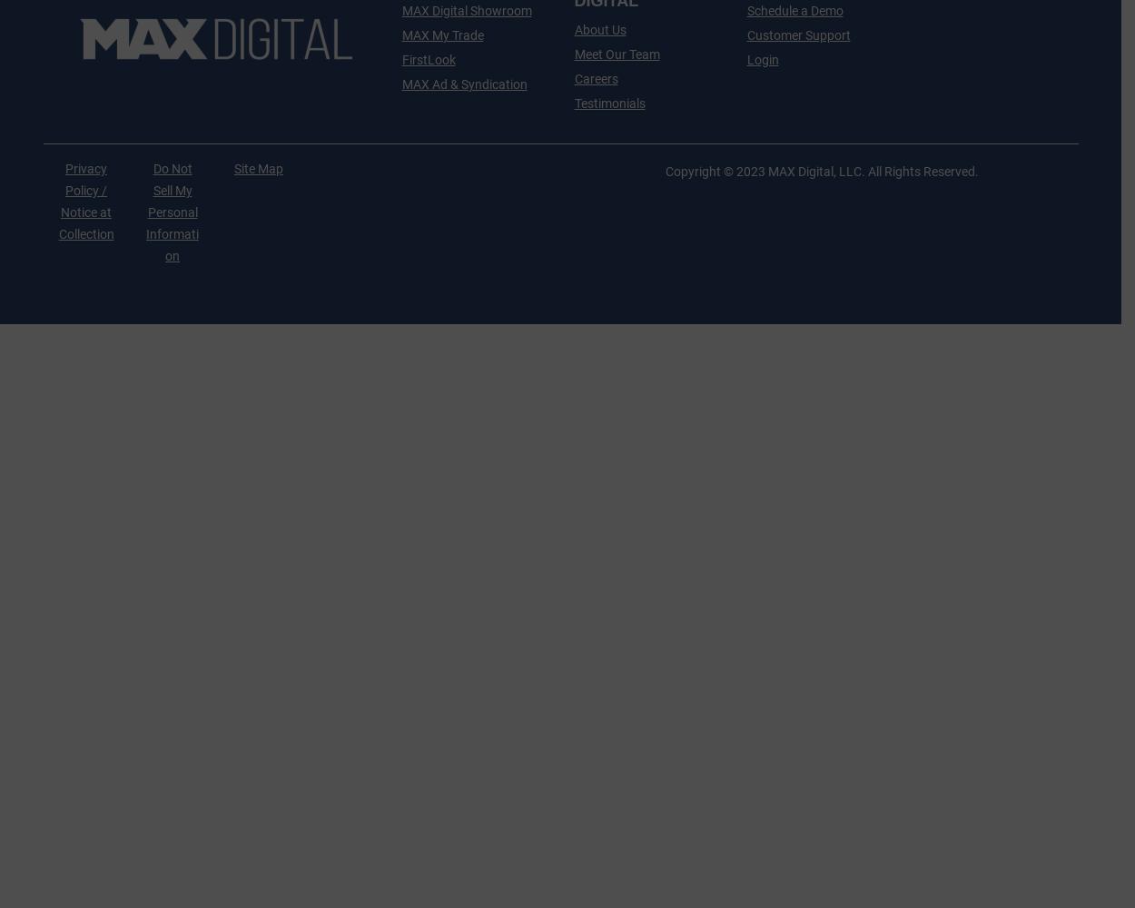 Image resolution: width=1135 pixels, height=908 pixels. What do you see at coordinates (664, 171) in the screenshot?
I see `'Copyright © 2023 MAX Digital, LLC. All Rights Reserved.'` at bounding box center [664, 171].